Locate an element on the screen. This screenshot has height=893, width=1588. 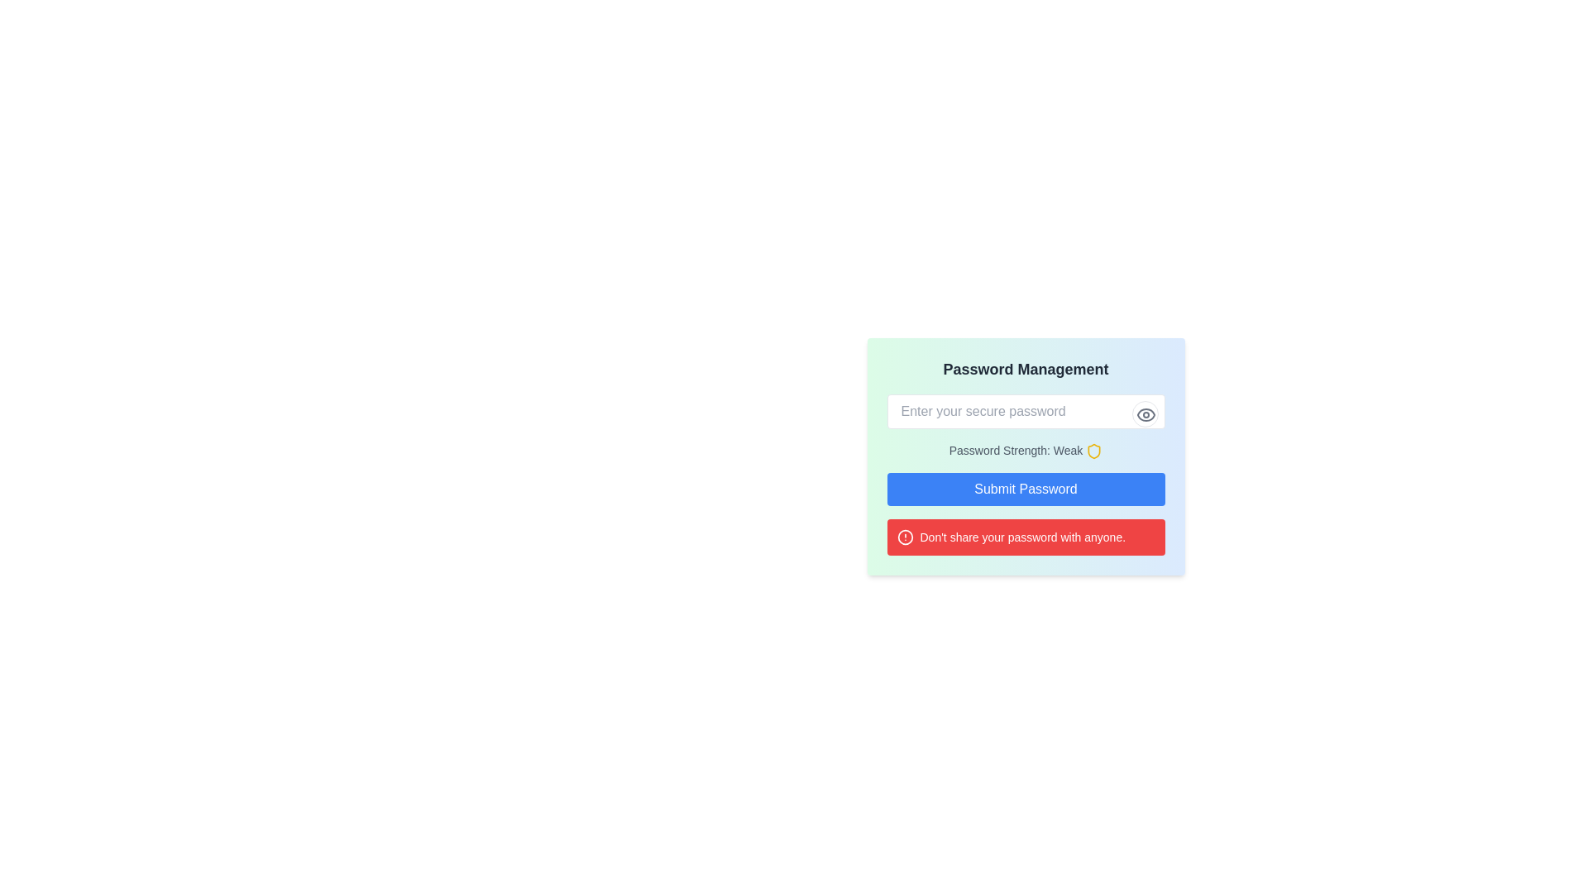
the Circle graphic component within the SVG that is part of the error notification area in the password management dialog is located at coordinates (904, 537).